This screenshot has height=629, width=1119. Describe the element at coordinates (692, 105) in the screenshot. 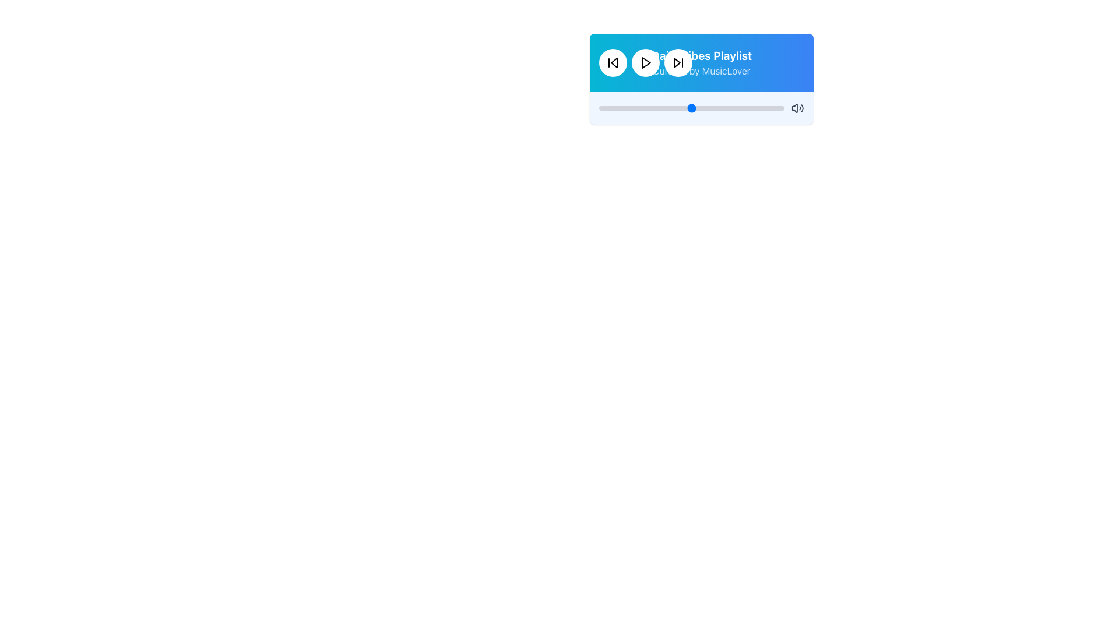

I see `the slider's value` at that location.